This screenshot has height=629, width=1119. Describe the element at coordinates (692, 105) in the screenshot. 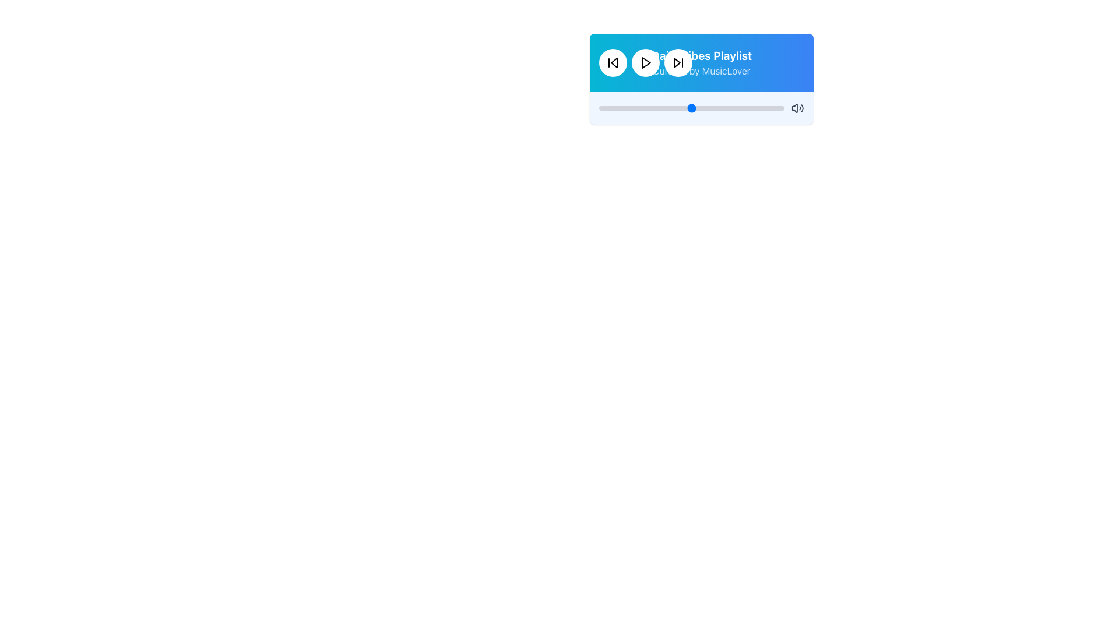

I see `the slider's value` at that location.